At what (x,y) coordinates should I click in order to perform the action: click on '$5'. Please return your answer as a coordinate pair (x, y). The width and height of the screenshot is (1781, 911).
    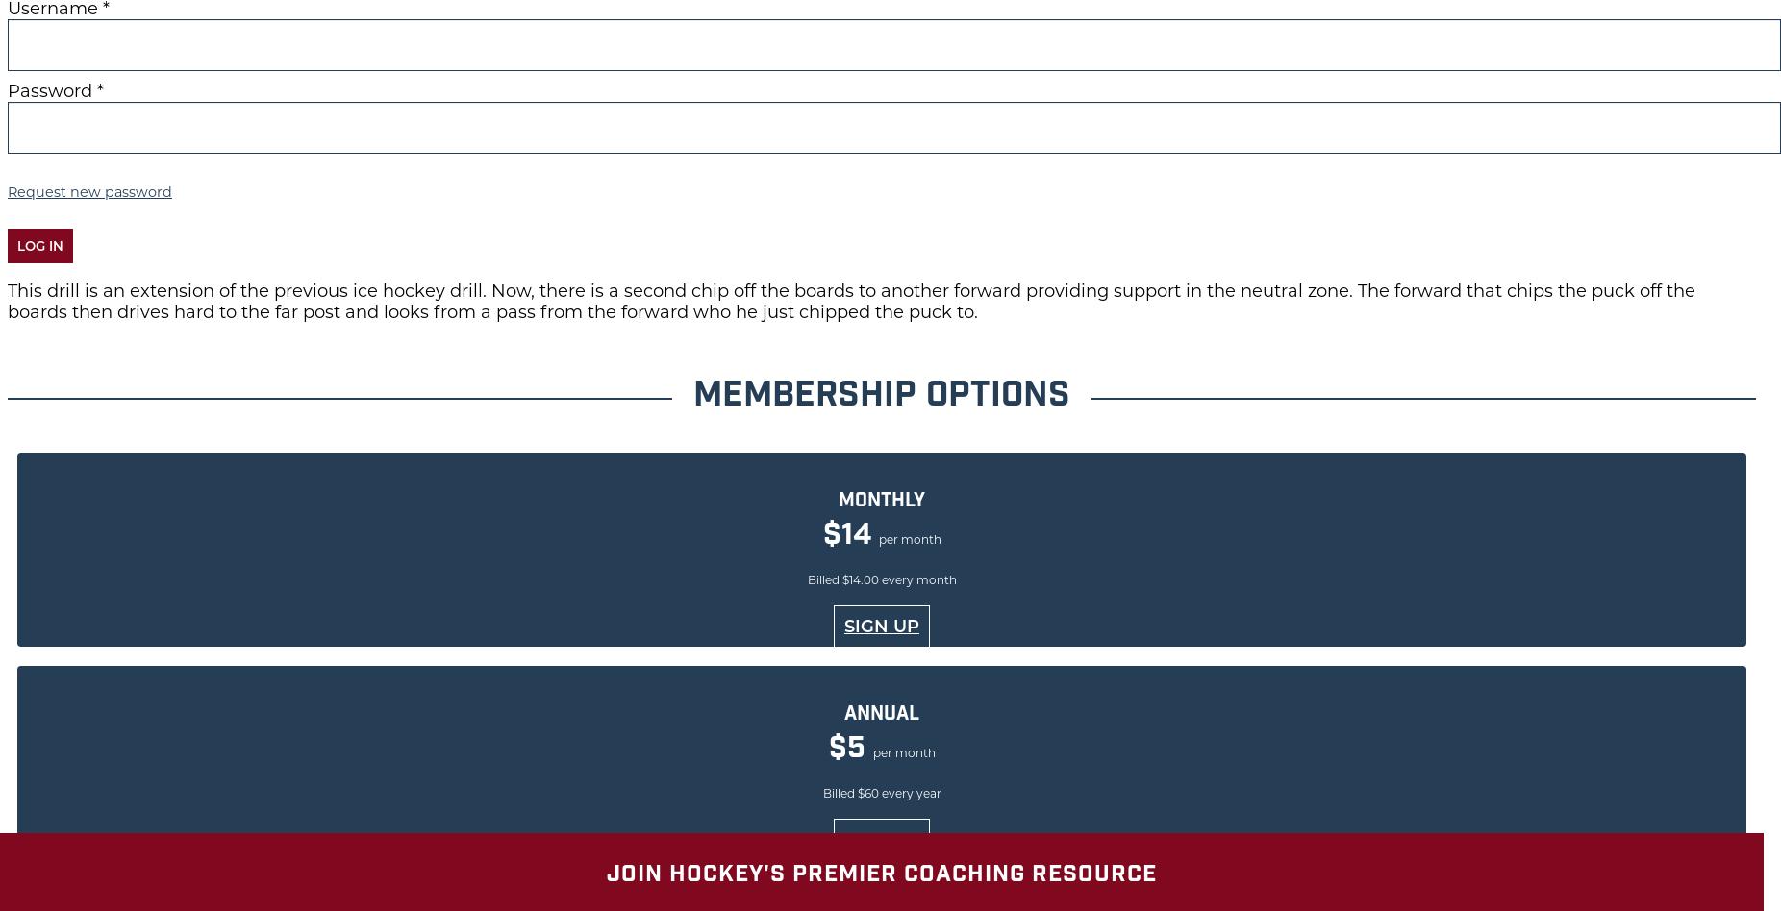
    Looking at the image, I should click on (849, 750).